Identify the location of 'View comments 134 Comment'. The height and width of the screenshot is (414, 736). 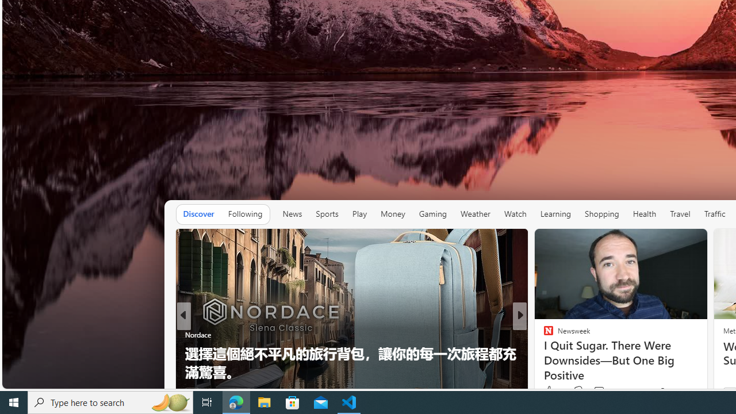
(596, 391).